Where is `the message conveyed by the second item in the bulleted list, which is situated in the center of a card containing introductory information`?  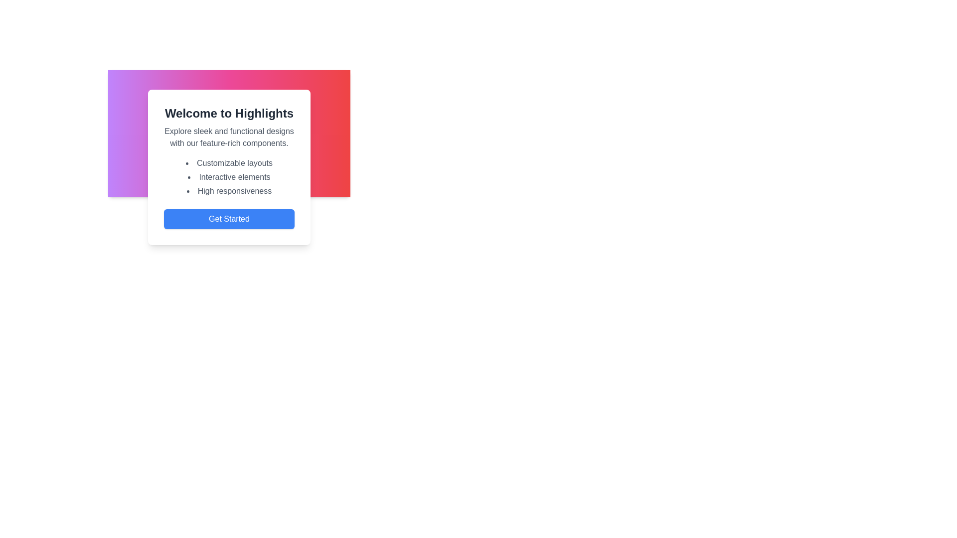
the message conveyed by the second item in the bulleted list, which is situated in the center of a card containing introductory information is located at coordinates (229, 176).